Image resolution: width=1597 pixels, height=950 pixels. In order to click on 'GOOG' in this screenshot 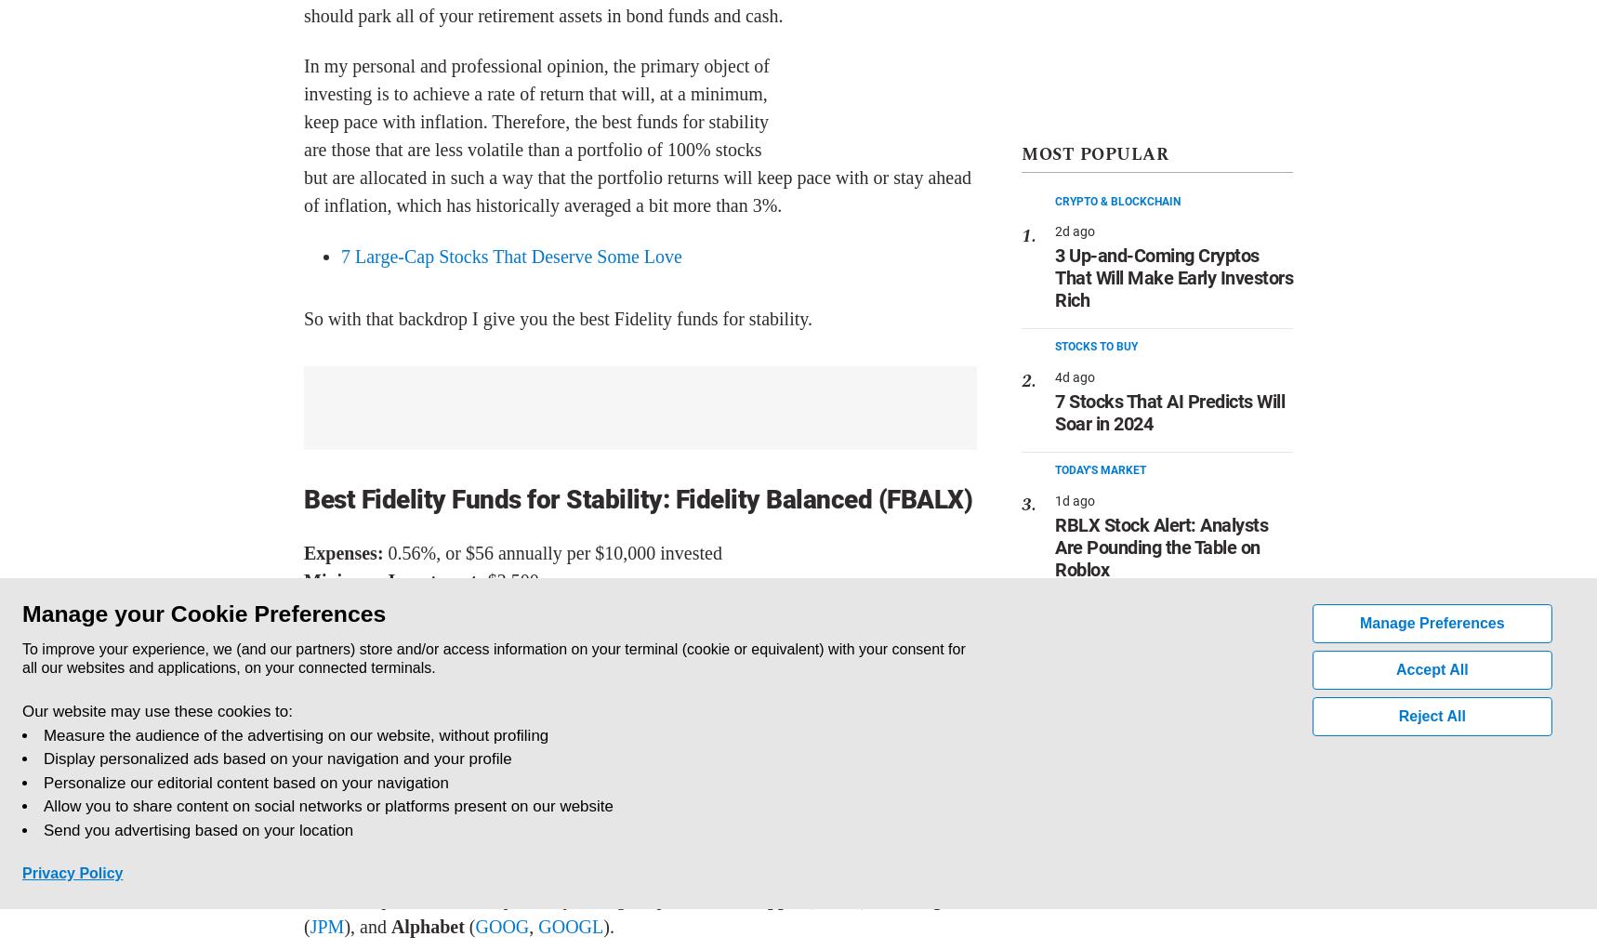, I will do `click(474, 926)`.